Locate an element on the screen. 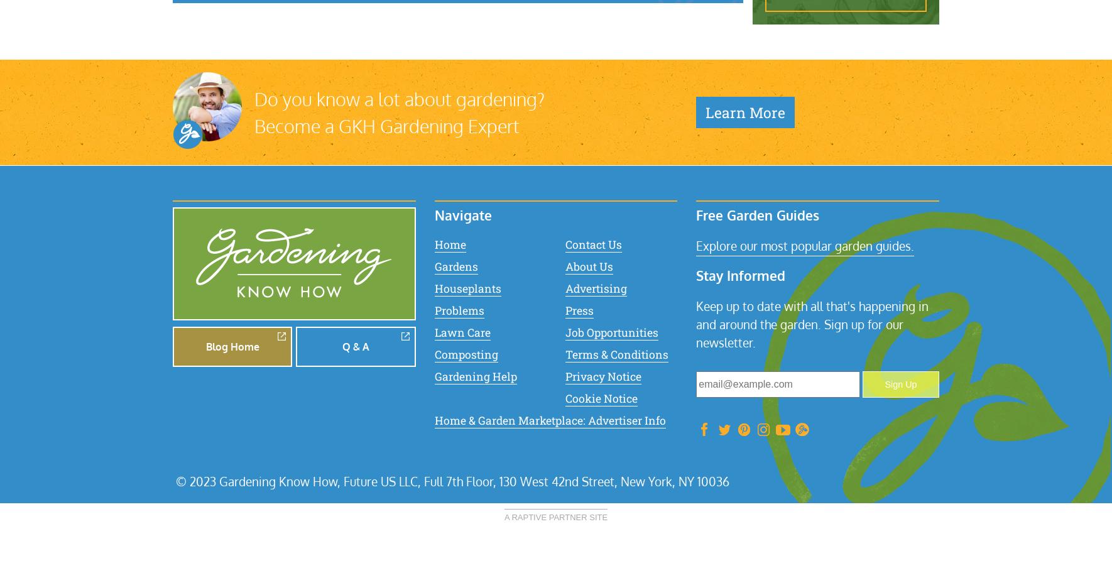 The image size is (1112, 578). 'Contact Us' is located at coordinates (564, 243).